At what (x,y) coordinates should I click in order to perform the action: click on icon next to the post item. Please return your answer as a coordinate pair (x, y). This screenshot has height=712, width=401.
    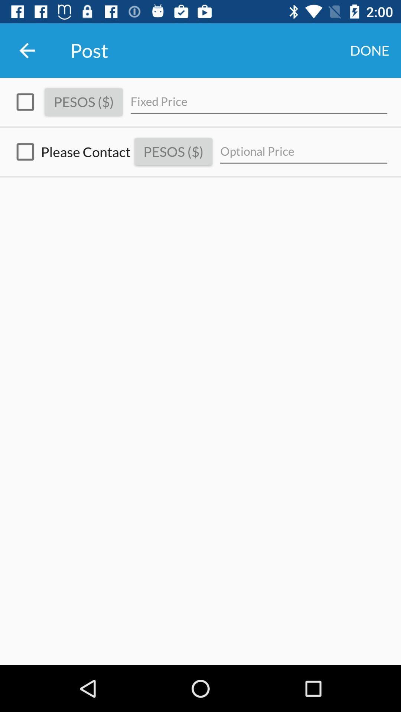
    Looking at the image, I should click on (369, 50).